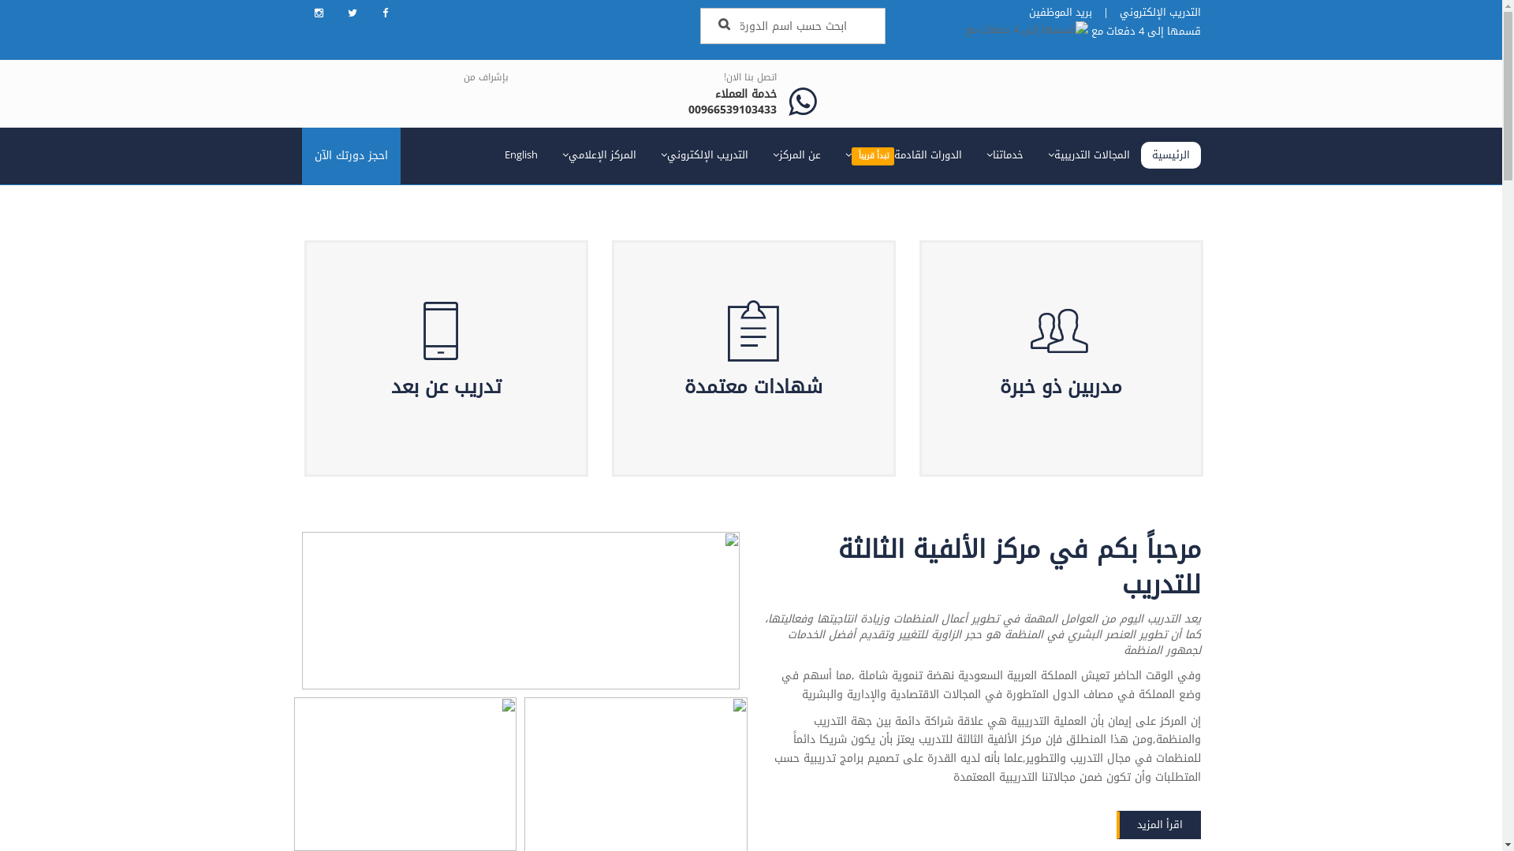  Describe the element at coordinates (732, 109) in the screenshot. I see `'00966539103433'` at that location.